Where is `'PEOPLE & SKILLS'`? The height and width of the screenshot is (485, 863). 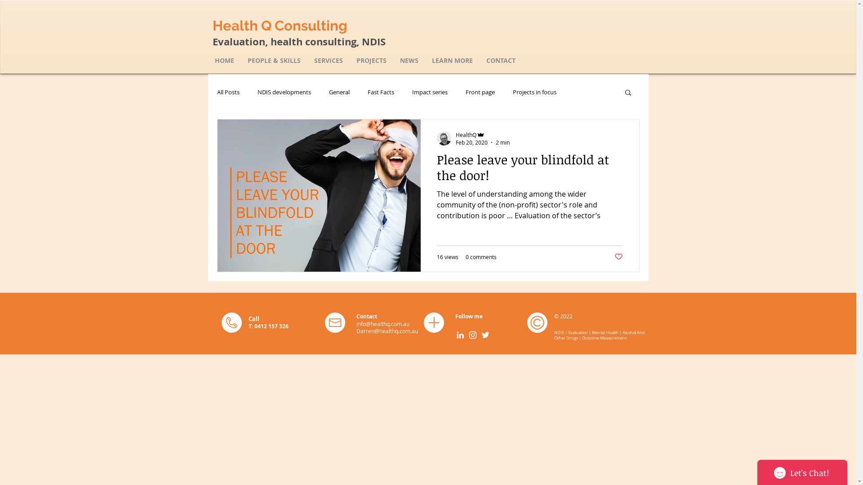 'PEOPLE & SKILLS' is located at coordinates (273, 60).